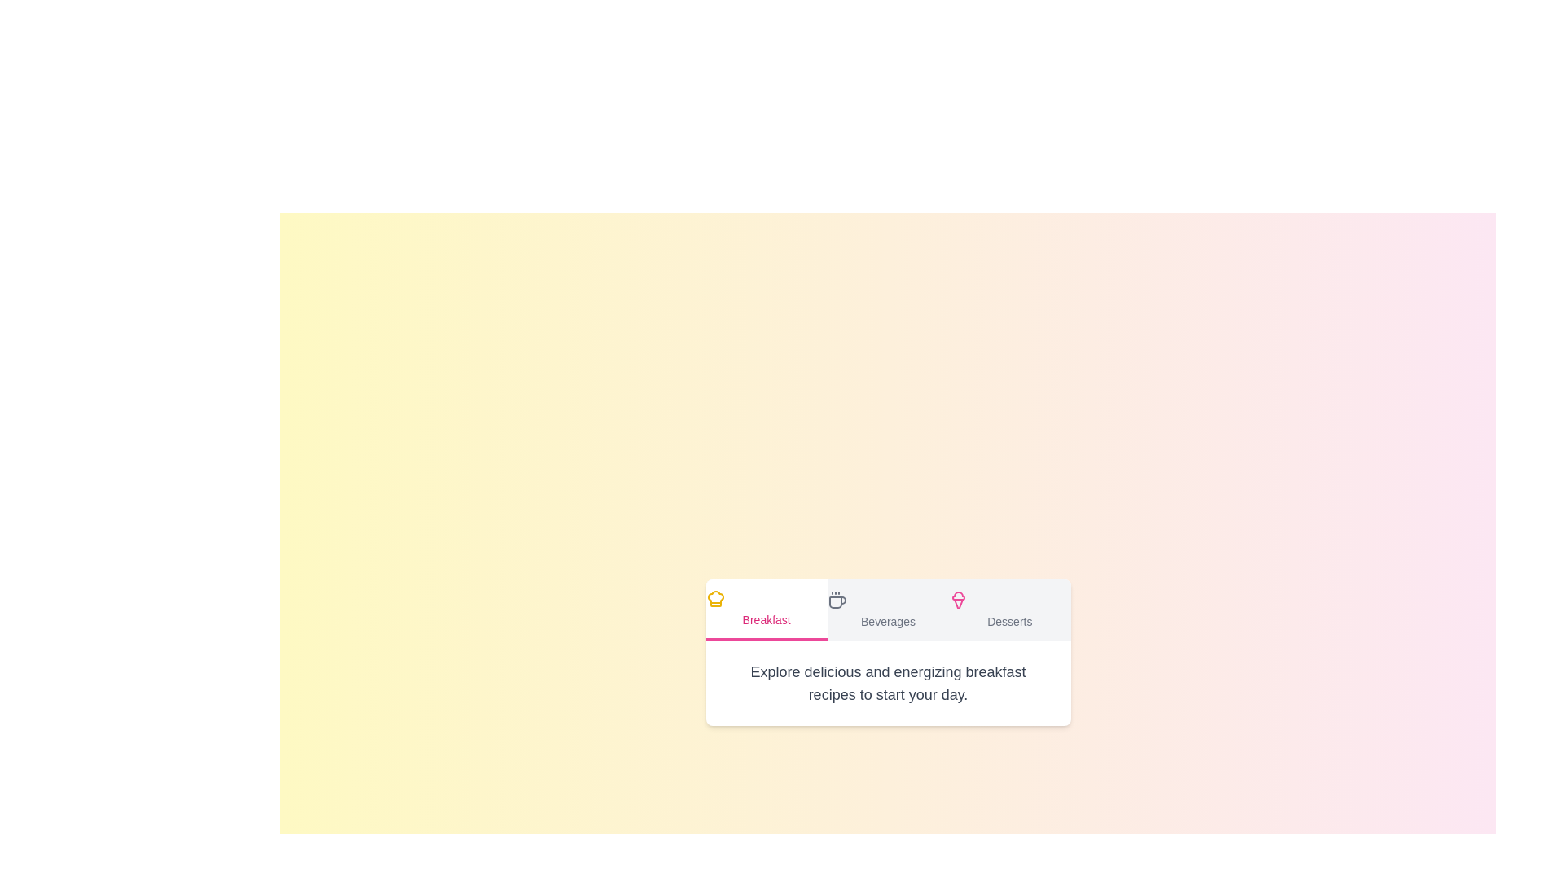  What do you see at coordinates (765, 609) in the screenshot?
I see `the tab labeled Breakfast to display its content` at bounding box center [765, 609].